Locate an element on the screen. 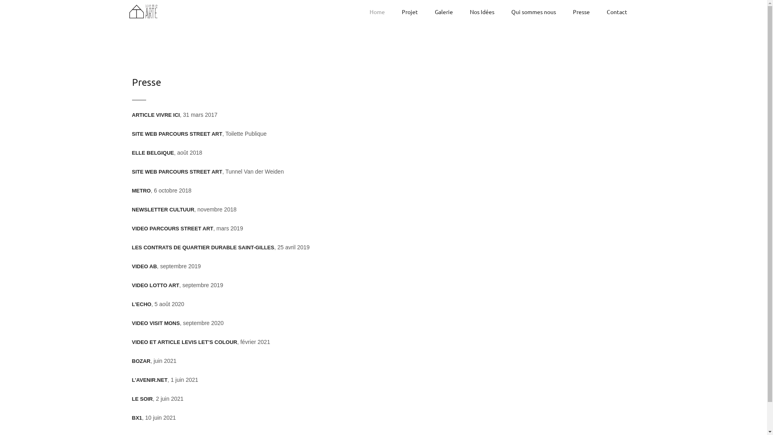 This screenshot has width=773, height=435. 'NEWSLETTER CULTUUR' is located at coordinates (163, 209).